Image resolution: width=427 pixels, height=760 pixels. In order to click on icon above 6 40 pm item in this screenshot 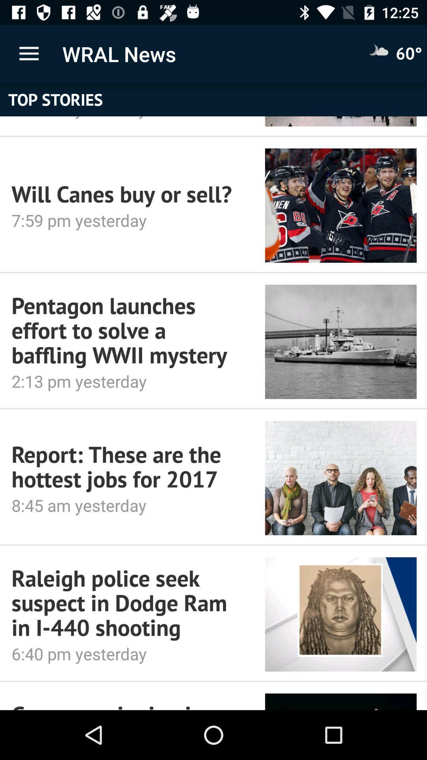, I will do `click(127, 602)`.